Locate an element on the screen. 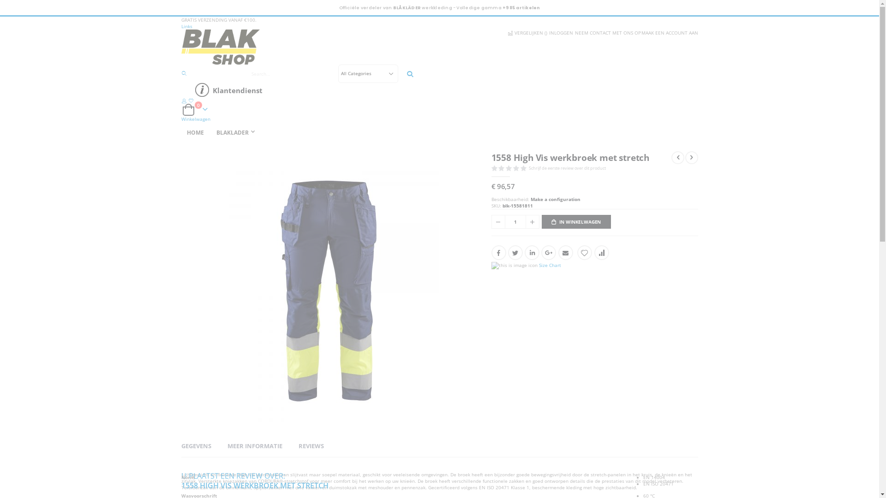  'NEEM CONTACT MET ONS OP' is located at coordinates (573, 32).